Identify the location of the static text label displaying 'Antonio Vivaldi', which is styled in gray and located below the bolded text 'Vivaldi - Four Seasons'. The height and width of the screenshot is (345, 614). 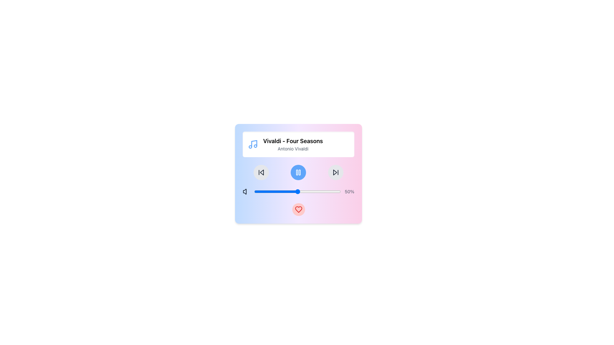
(293, 149).